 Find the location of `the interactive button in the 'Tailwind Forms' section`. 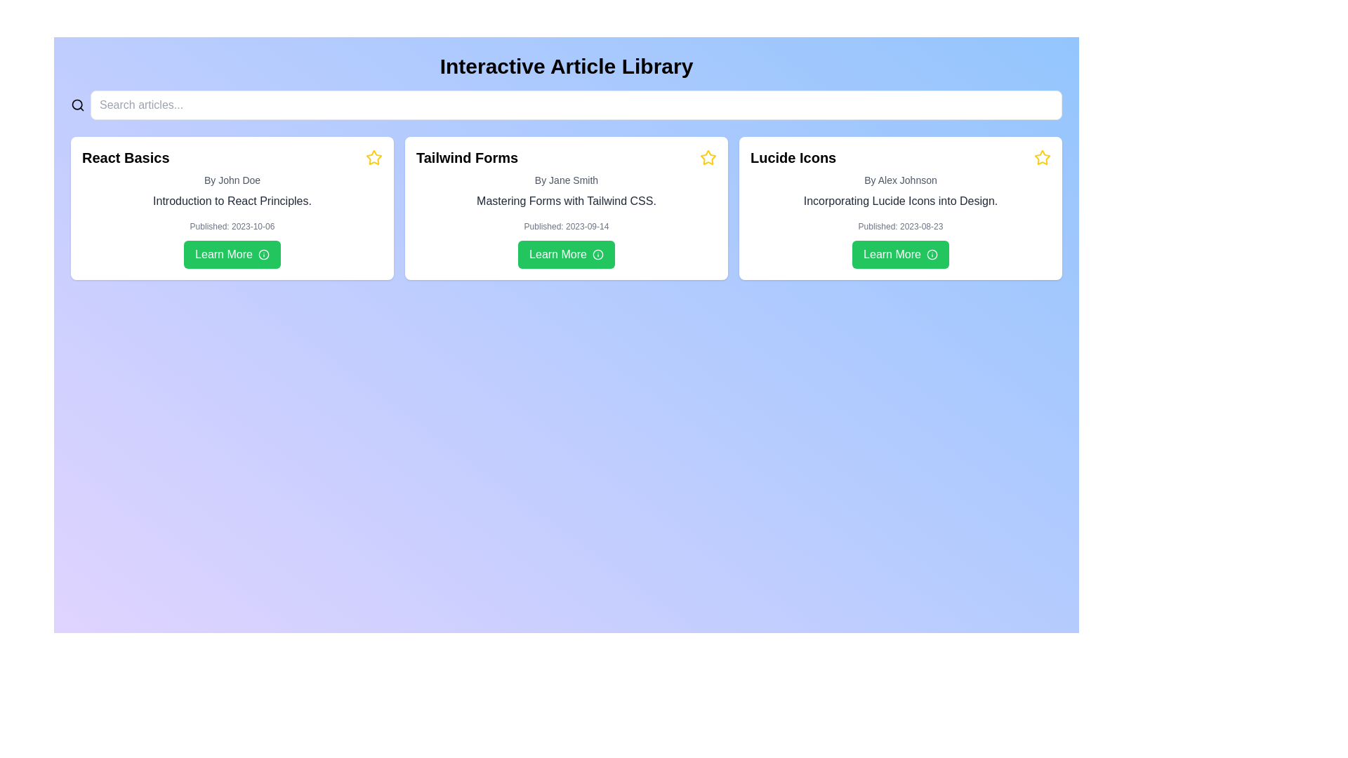

the interactive button in the 'Tailwind Forms' section is located at coordinates (566, 254).